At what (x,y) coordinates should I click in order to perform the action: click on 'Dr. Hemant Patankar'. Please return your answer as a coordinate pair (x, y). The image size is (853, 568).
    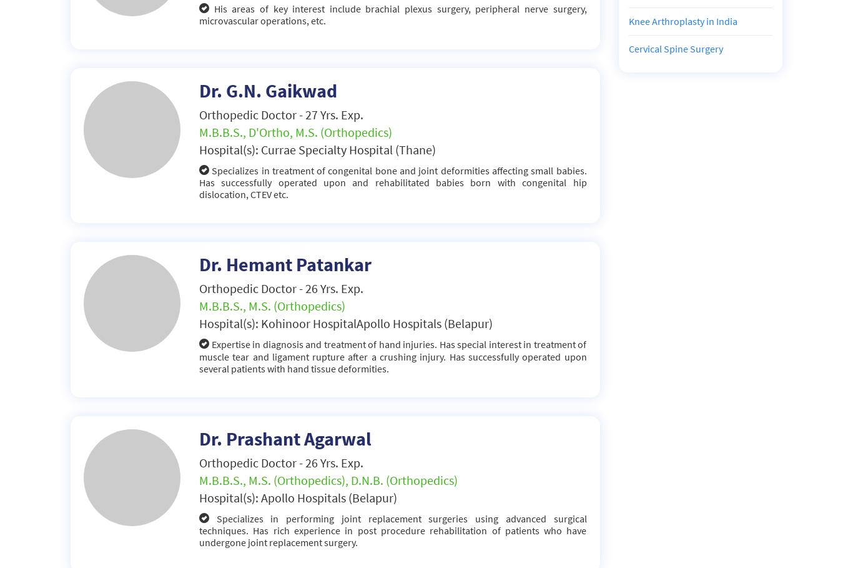
    Looking at the image, I should click on (285, 263).